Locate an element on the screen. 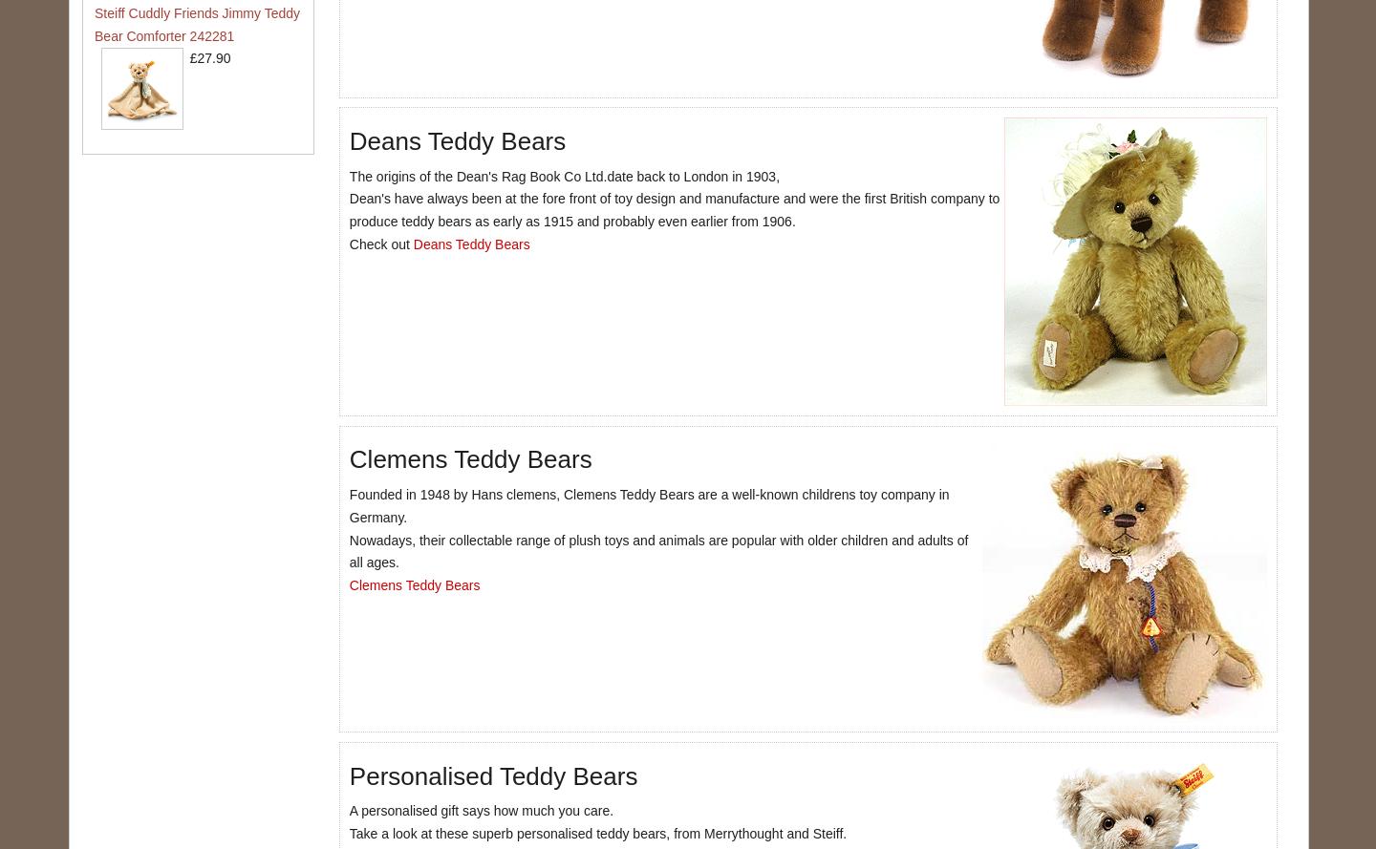 The width and height of the screenshot is (1376, 849). 'Nowadays, their collectable range of plush toys and animals are popular with older children and adults of all ages.' is located at coordinates (658, 549).